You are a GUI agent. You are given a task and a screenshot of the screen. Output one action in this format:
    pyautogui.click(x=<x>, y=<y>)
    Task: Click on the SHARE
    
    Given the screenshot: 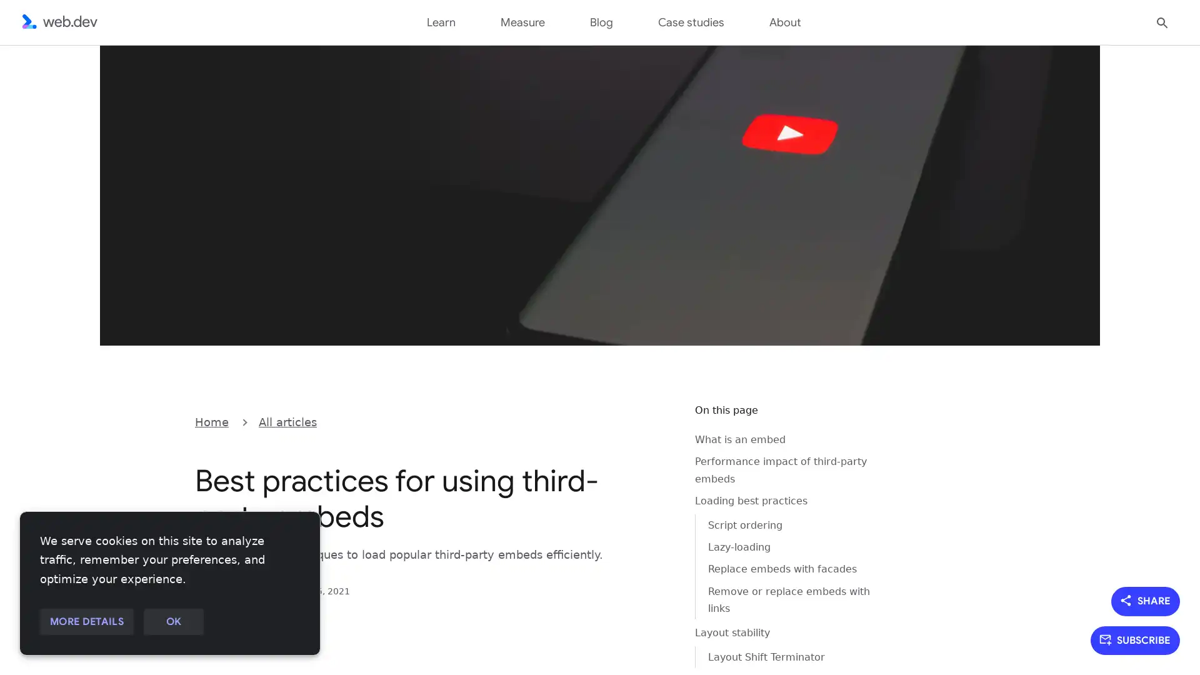 What is the action you would take?
    pyautogui.click(x=1146, y=600)
    